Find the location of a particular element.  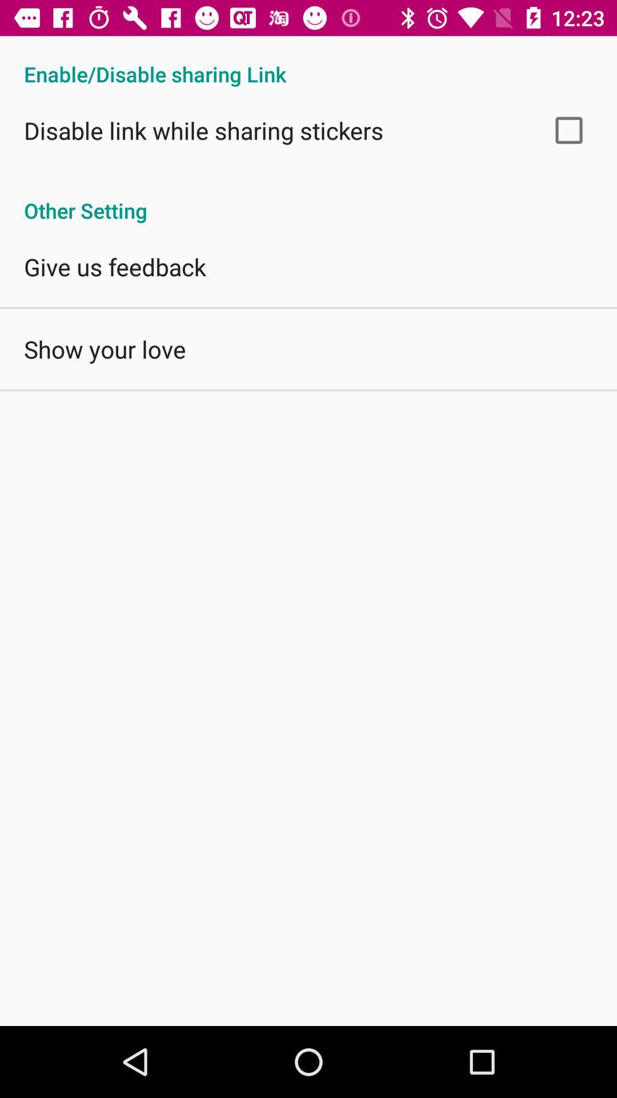

icon below the other setting app is located at coordinates (115, 266).